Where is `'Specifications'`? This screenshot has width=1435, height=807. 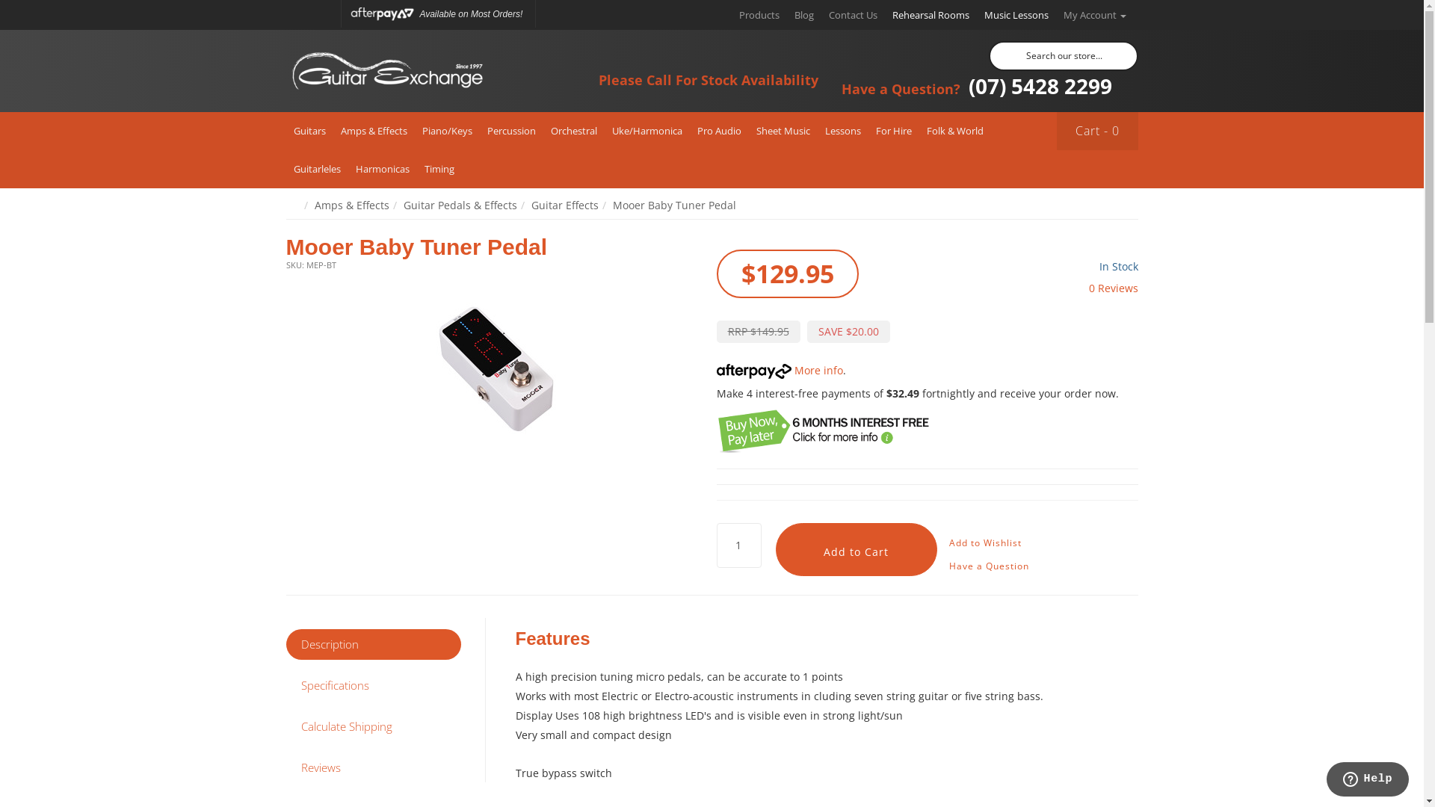 'Specifications' is located at coordinates (373, 685).